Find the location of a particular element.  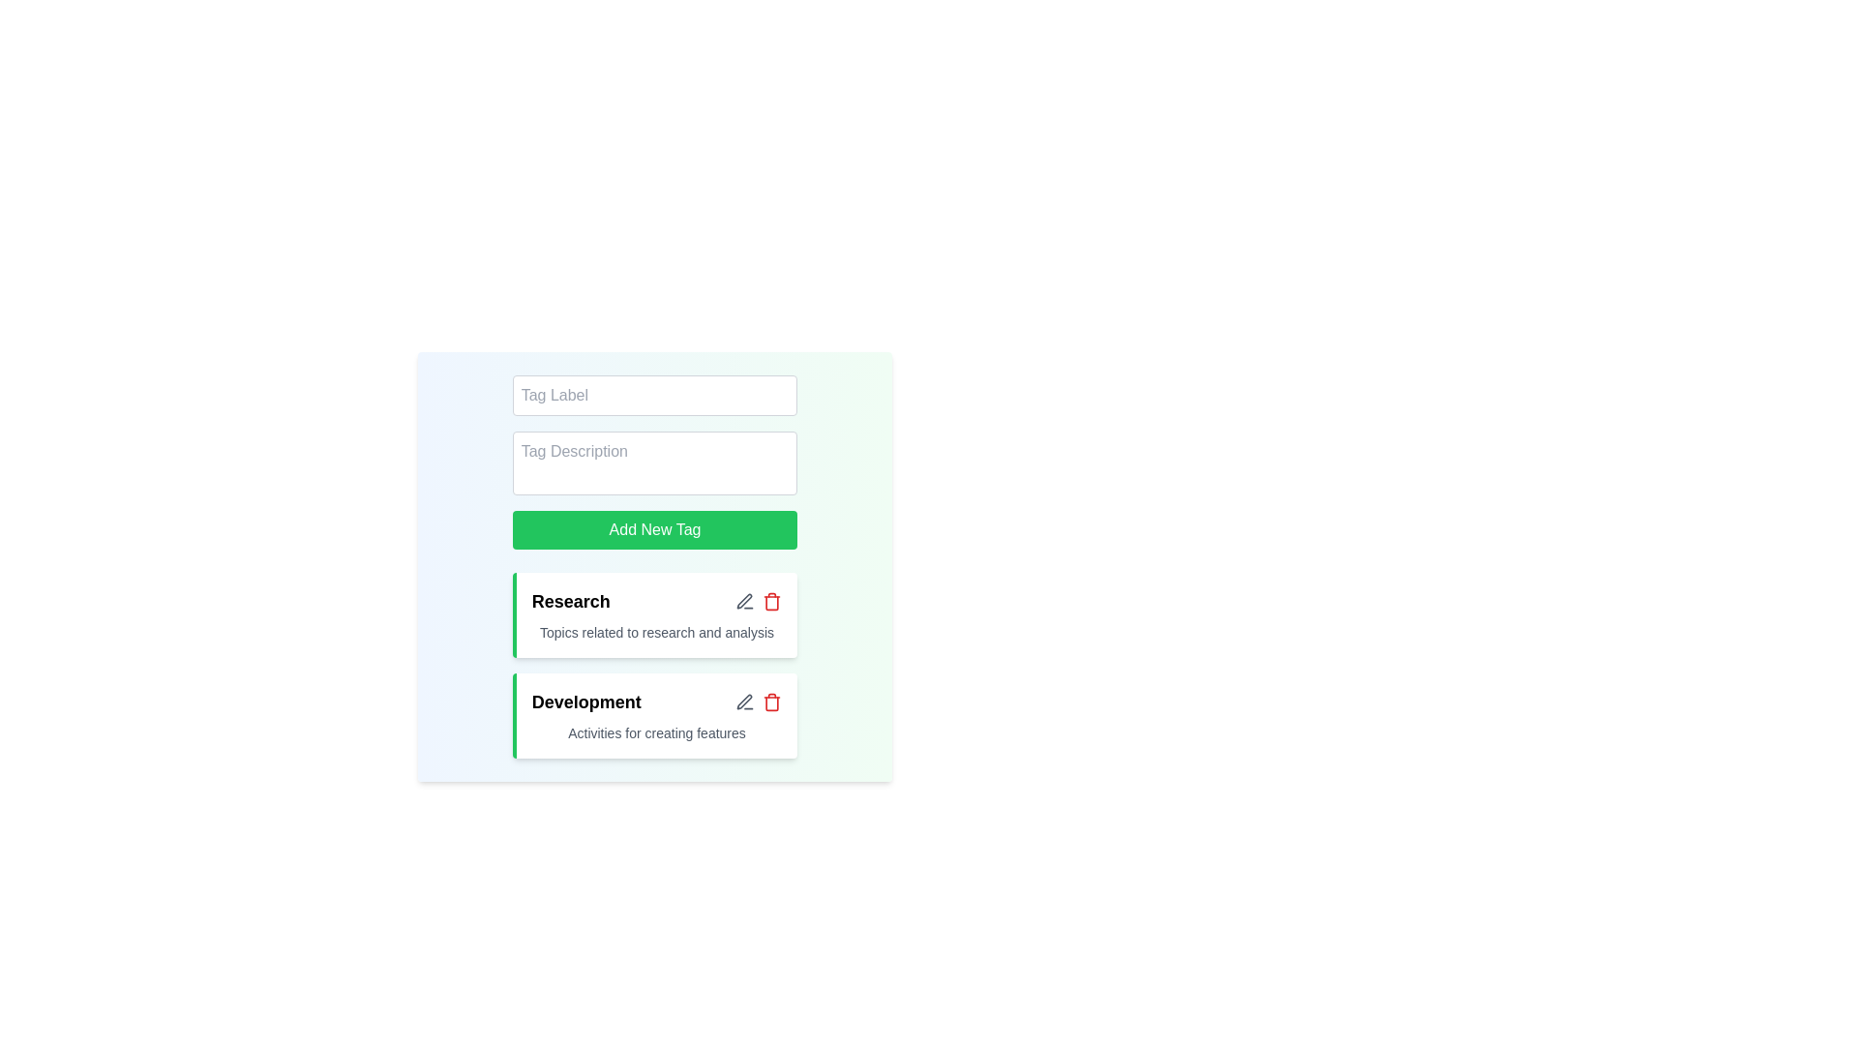

the delete icon button located within the 'Development' card, positioned to the right of the card title and description, to initiate a deletion action is located at coordinates (771, 702).